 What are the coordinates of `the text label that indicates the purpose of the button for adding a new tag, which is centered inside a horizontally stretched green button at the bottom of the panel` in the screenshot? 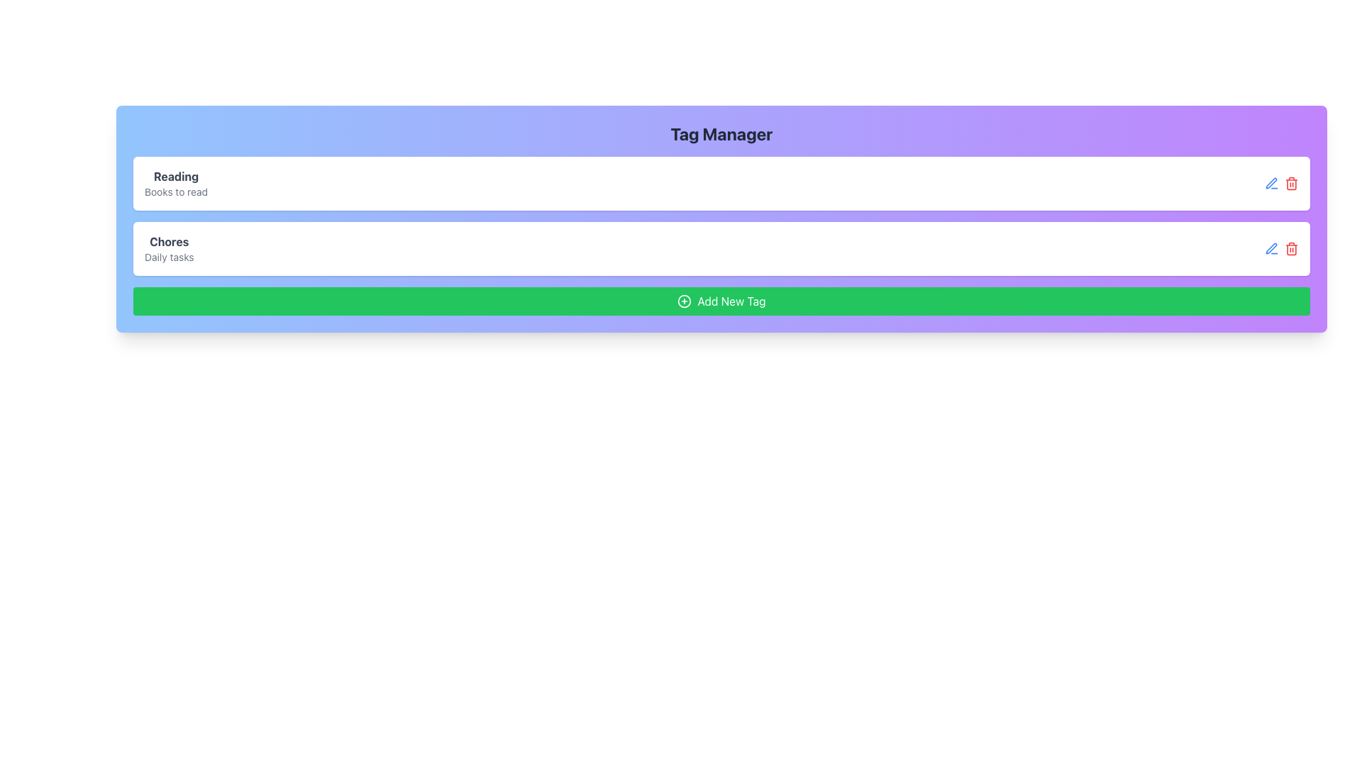 It's located at (731, 300).